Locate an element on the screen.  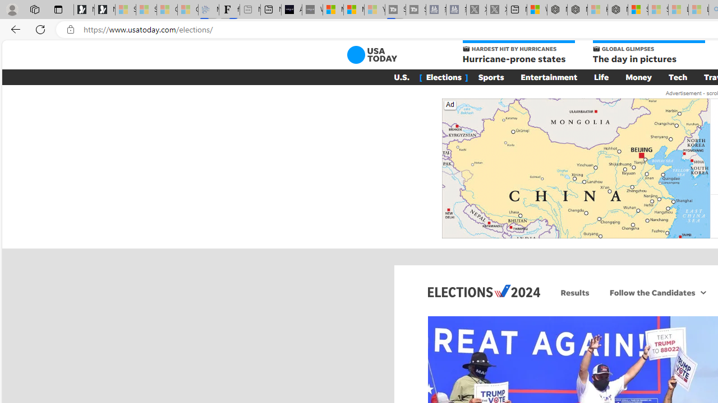
'Microsoft Start Sports' is located at coordinates (332, 10).